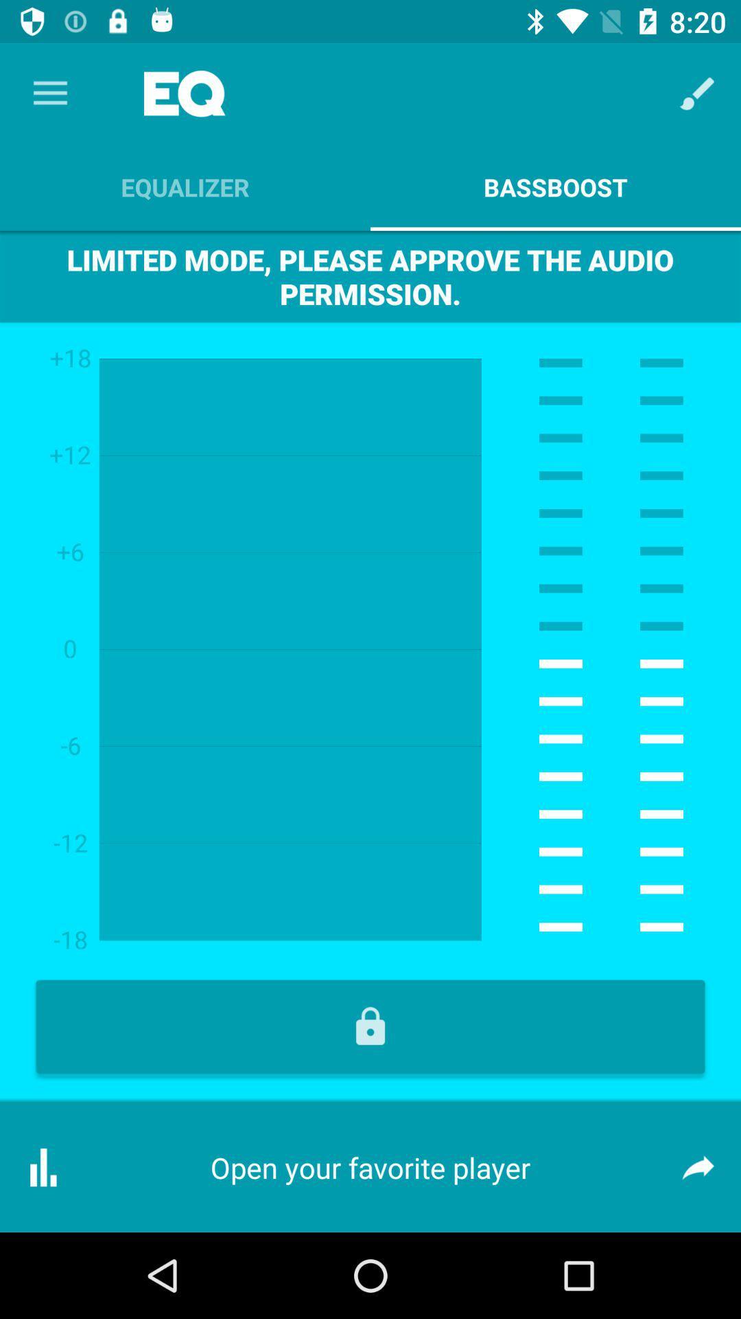  Describe the element at coordinates (370, 1026) in the screenshot. I see `lock symbol` at that location.